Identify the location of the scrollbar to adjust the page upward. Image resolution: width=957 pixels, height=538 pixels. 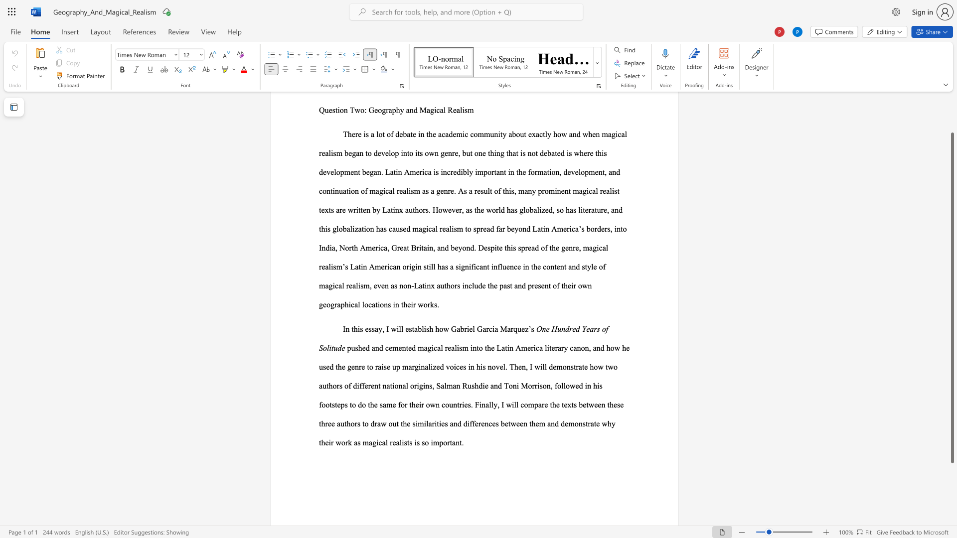
(952, 104).